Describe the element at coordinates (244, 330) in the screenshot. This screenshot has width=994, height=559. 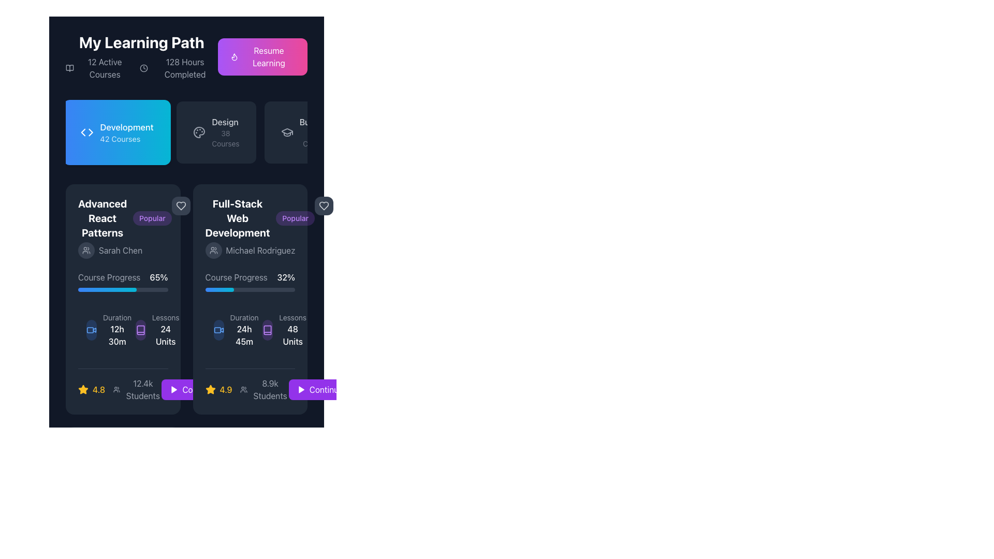
I see `the text display indicating the total duration of the 'Full-Stack Web Development' course, located in the lower-left section of the card` at that location.